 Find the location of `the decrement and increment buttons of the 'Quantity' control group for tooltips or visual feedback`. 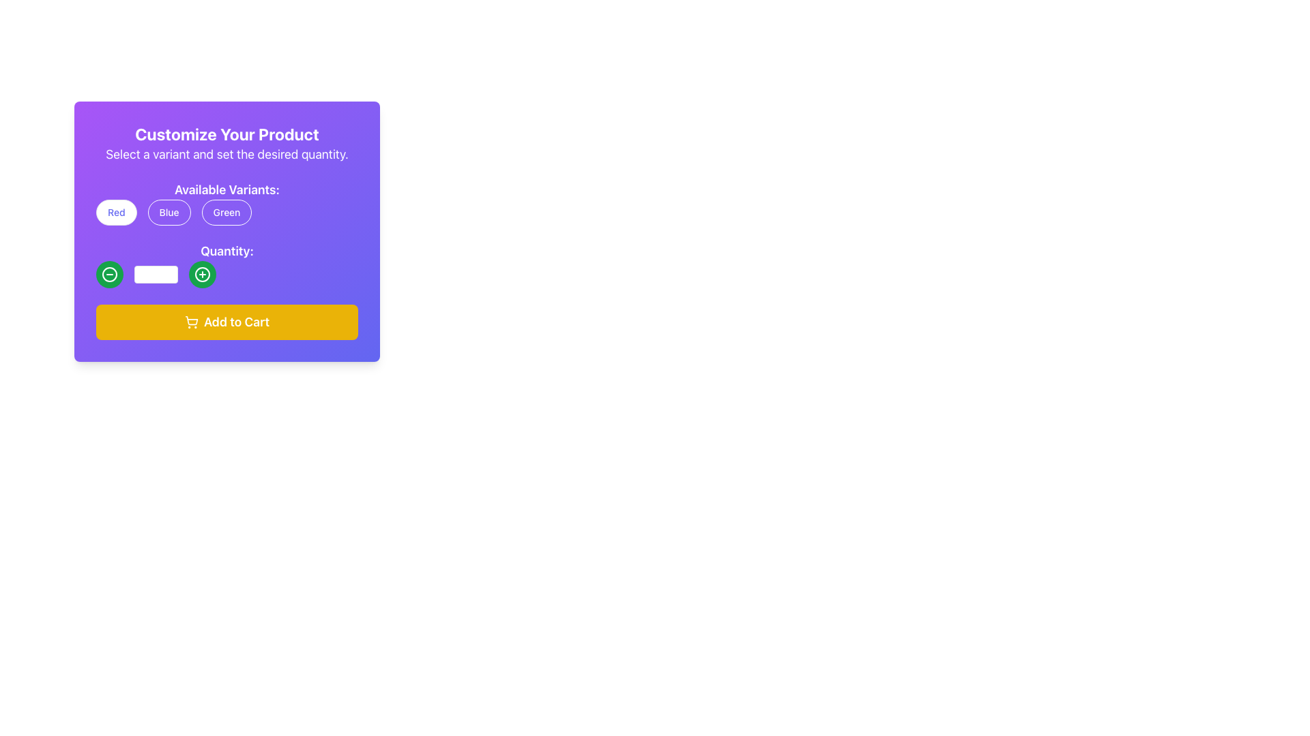

the decrement and increment buttons of the 'Quantity' control group for tooltips or visual feedback is located at coordinates (227, 274).